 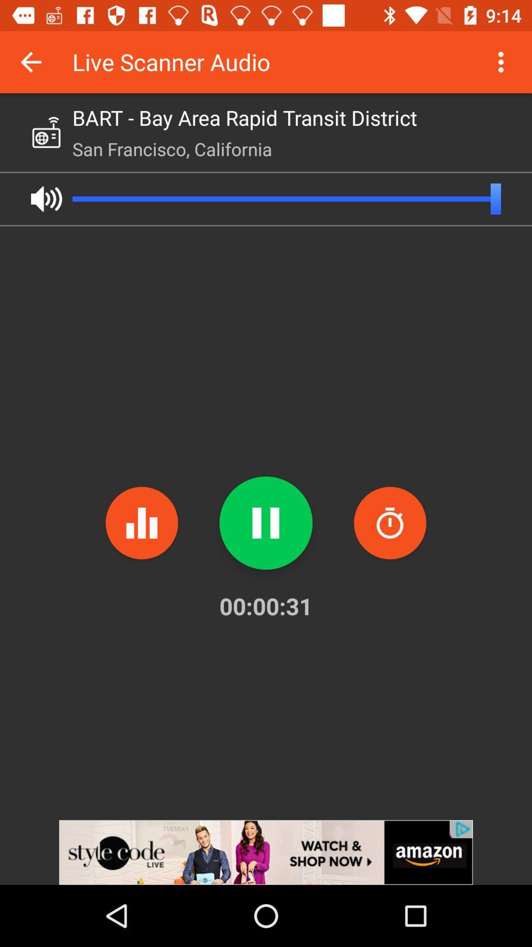 I want to click on the pause icon, so click(x=266, y=522).